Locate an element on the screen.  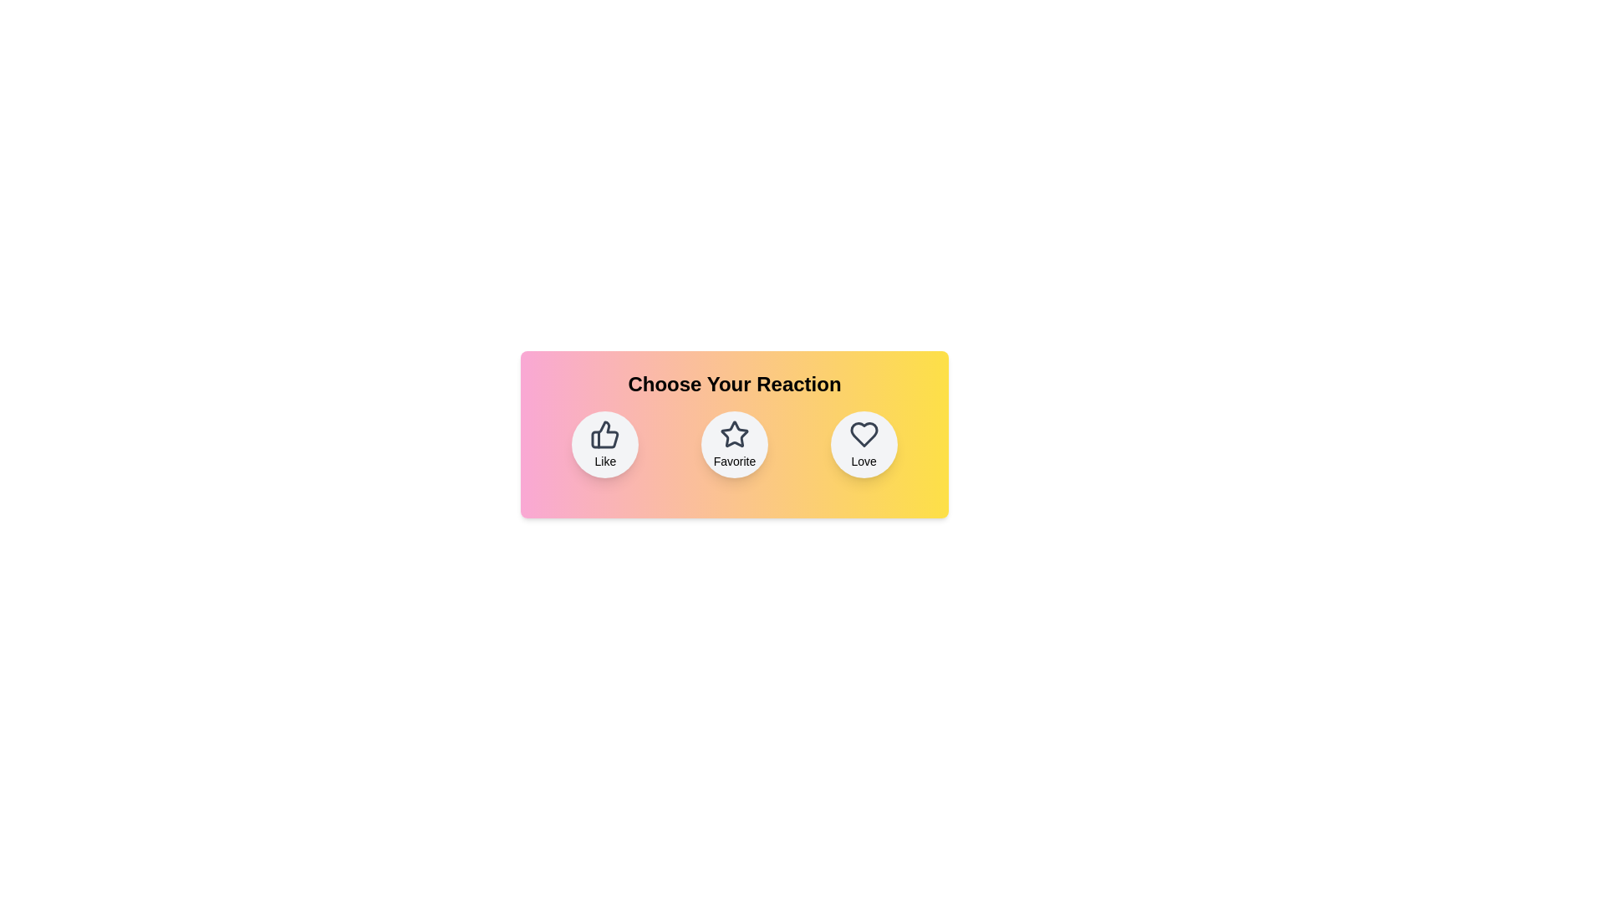
the Like button to select the corresponding reaction is located at coordinates (604, 444).